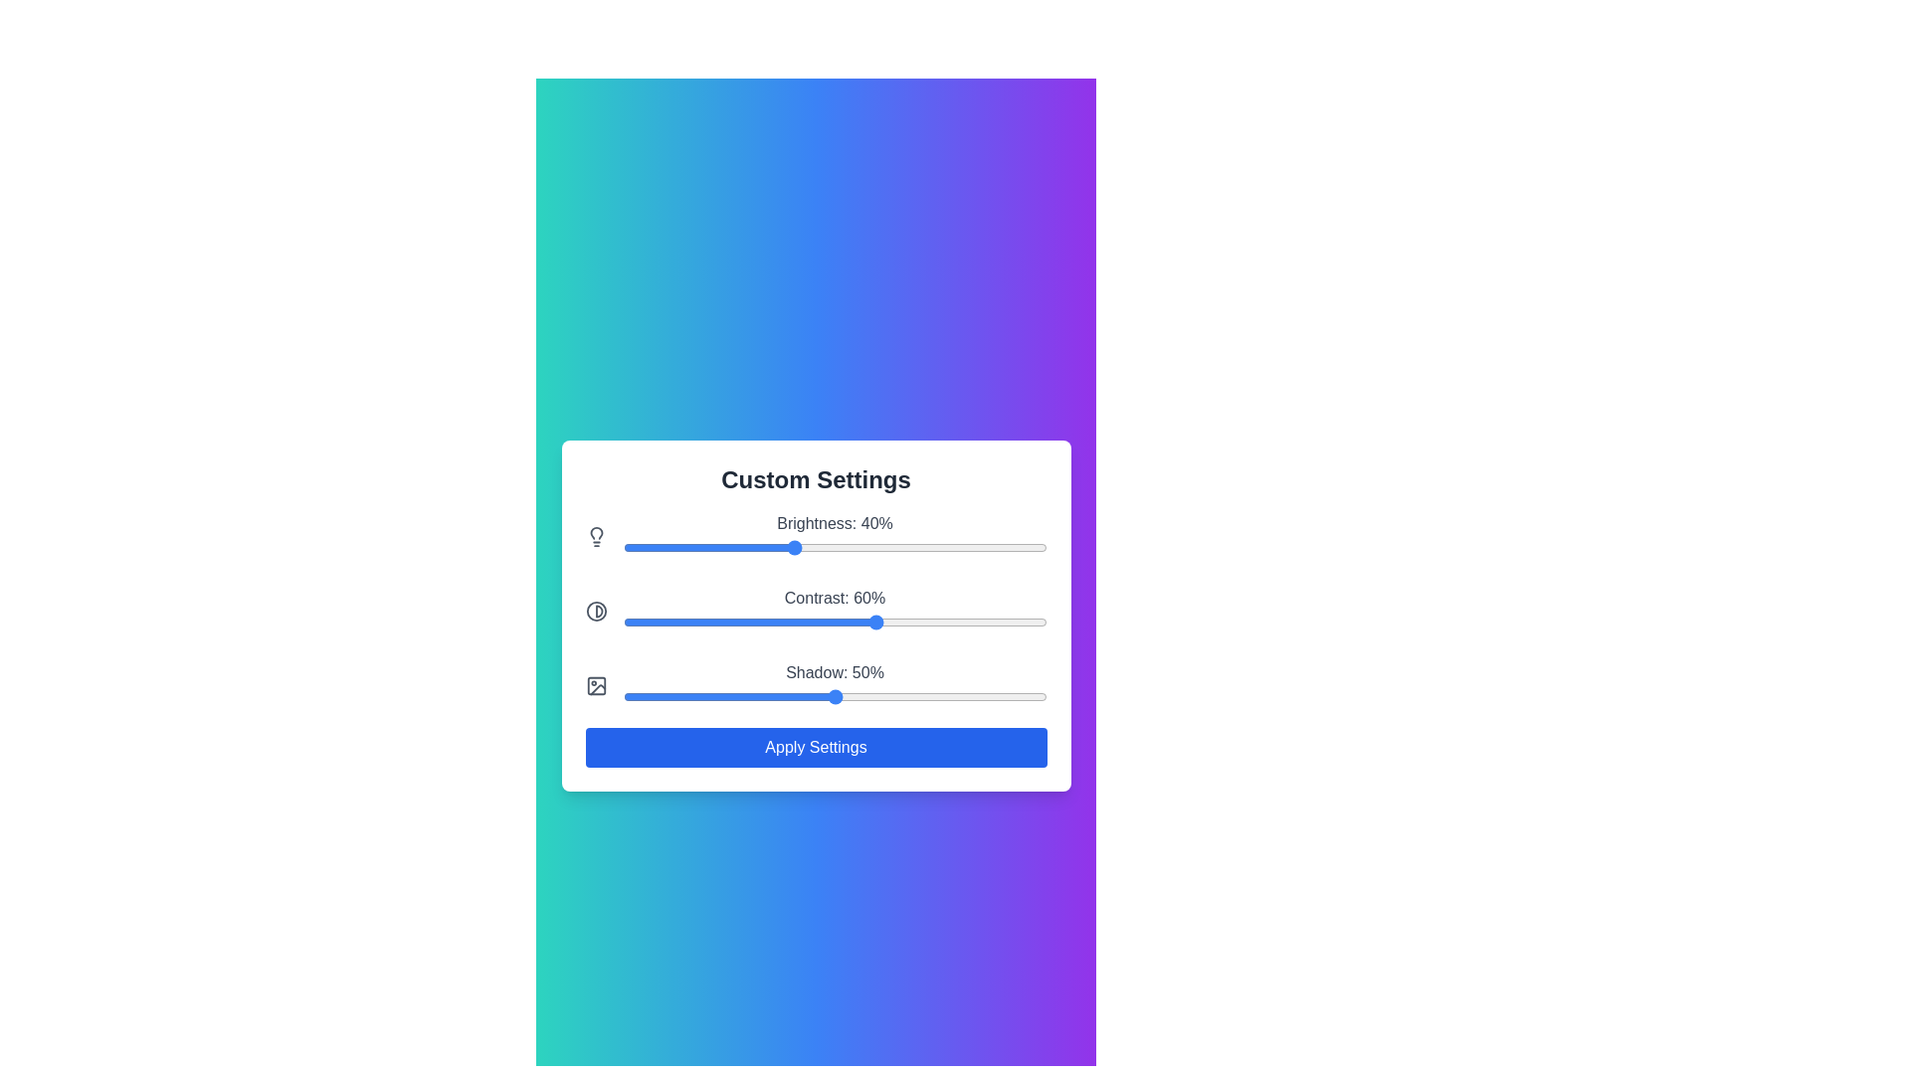 The width and height of the screenshot is (1910, 1074). What do you see at coordinates (844, 695) in the screenshot?
I see `the Shadow slider to set its value to 52` at bounding box center [844, 695].